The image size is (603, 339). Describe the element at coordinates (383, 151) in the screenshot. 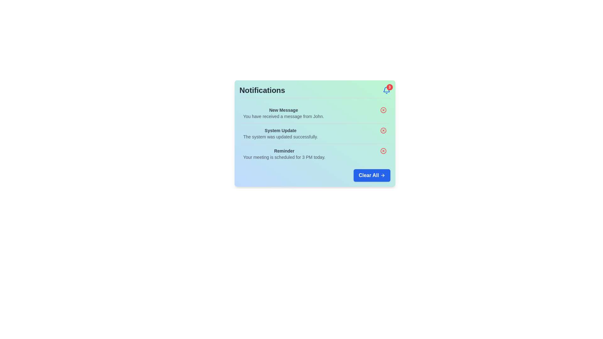

I see `the dismissal button located to the right of the notification text 'ReminderYour meeting is scheduled for 3 PM today.'` at that location.